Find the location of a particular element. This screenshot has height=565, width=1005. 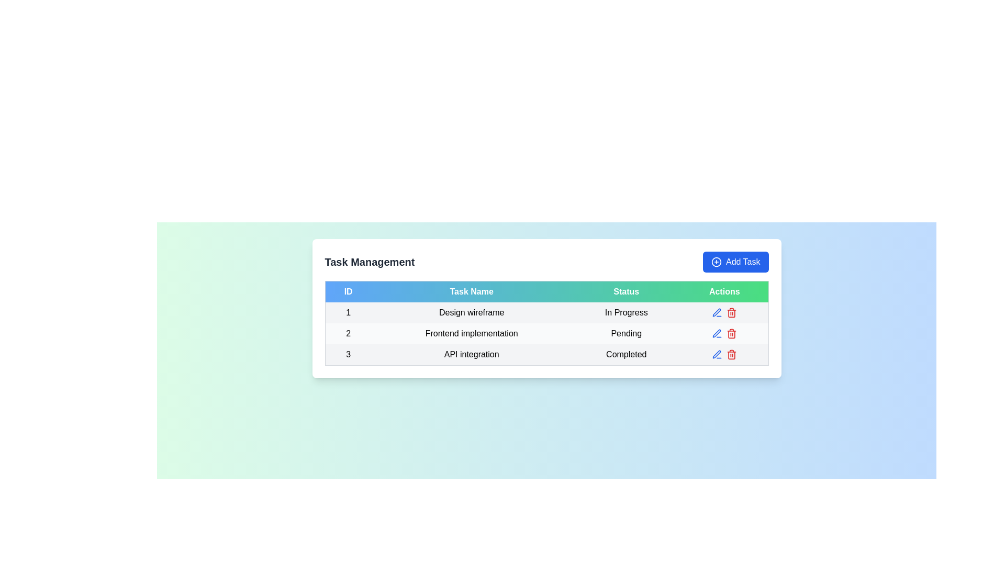

the 'Status' table column header, which is the third column header with a green background and white text is located at coordinates (626, 291).